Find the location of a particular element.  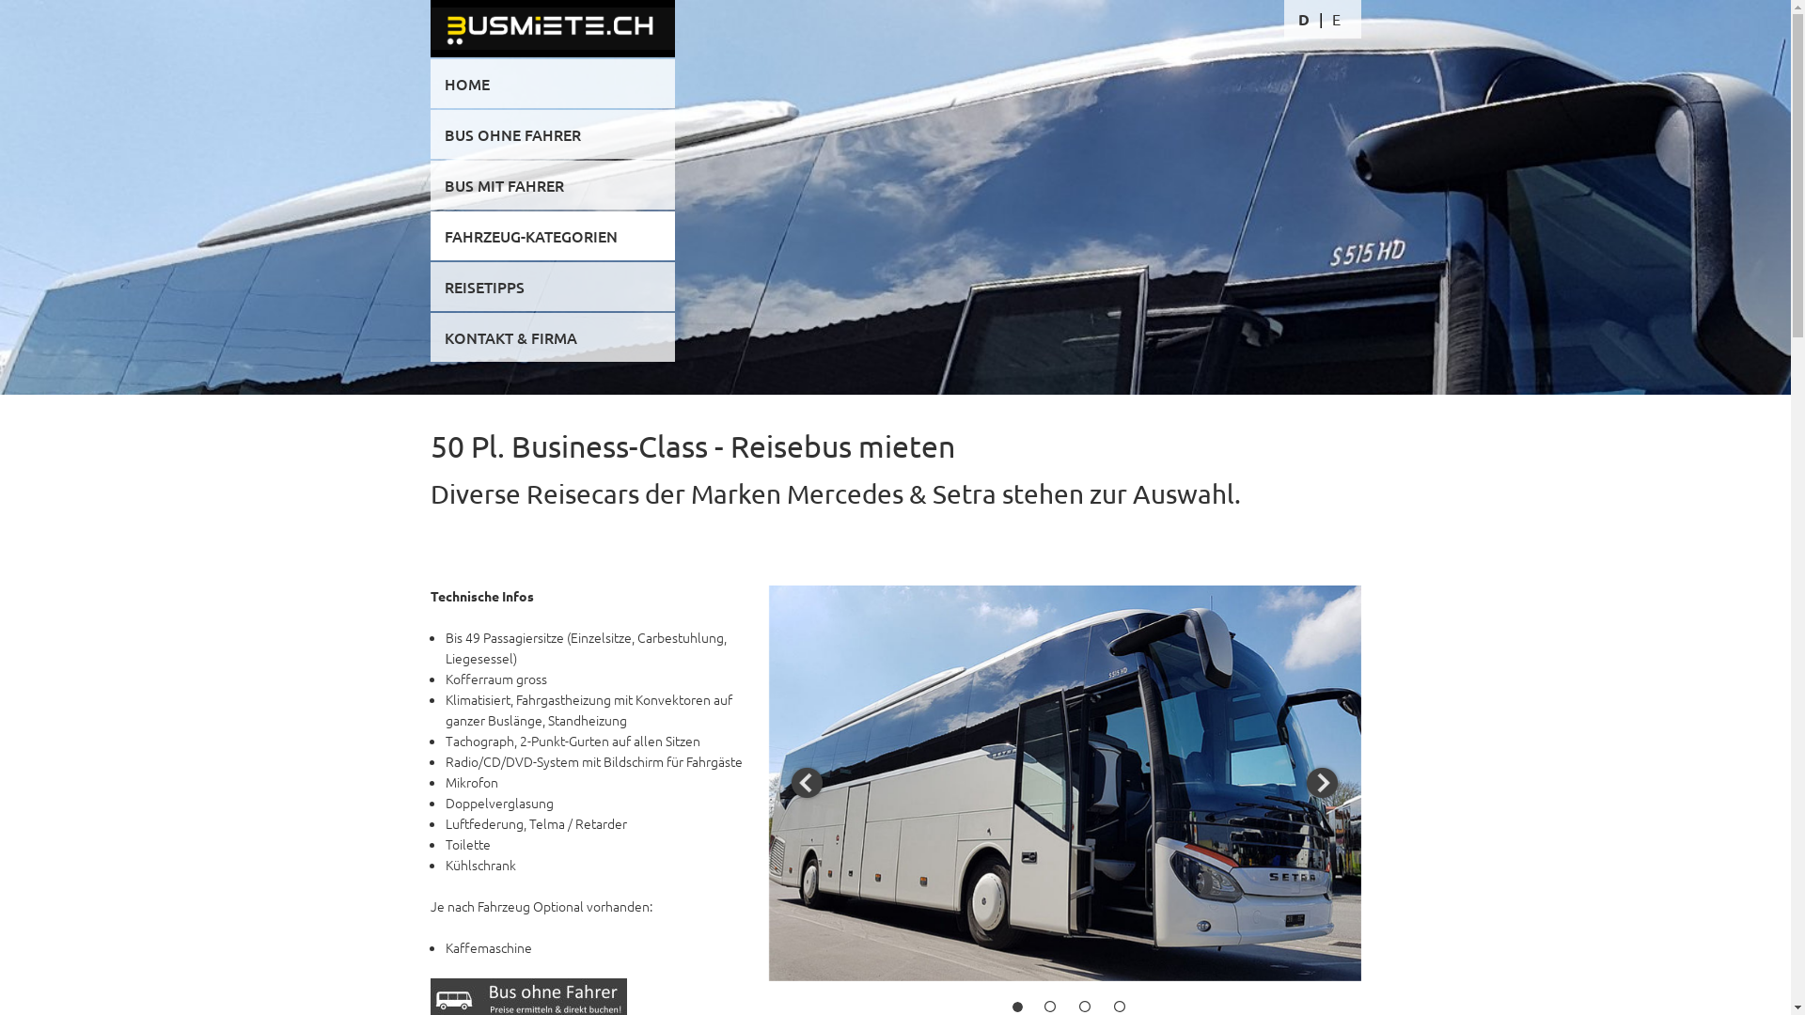

'KONTAKT & FIRMA' is located at coordinates (552, 336).